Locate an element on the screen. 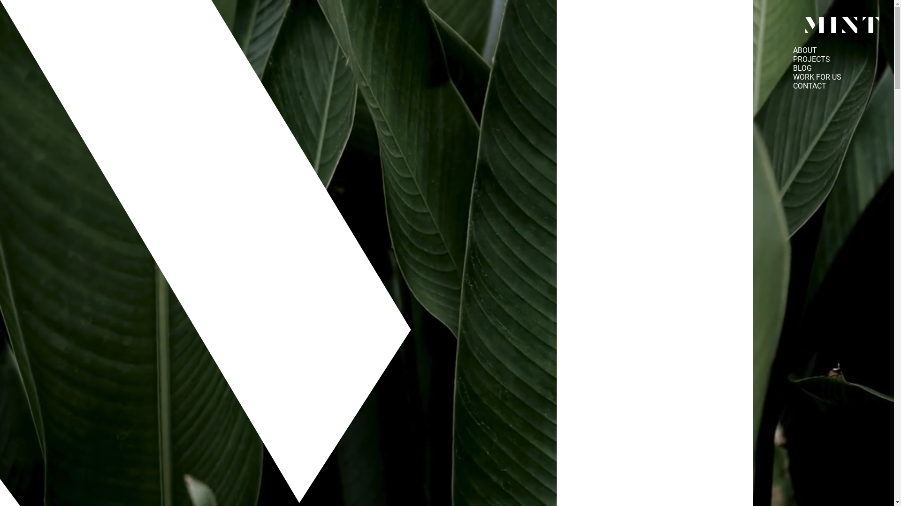 The width and height of the screenshot is (901, 506). 'CONTACT' is located at coordinates (809, 86).